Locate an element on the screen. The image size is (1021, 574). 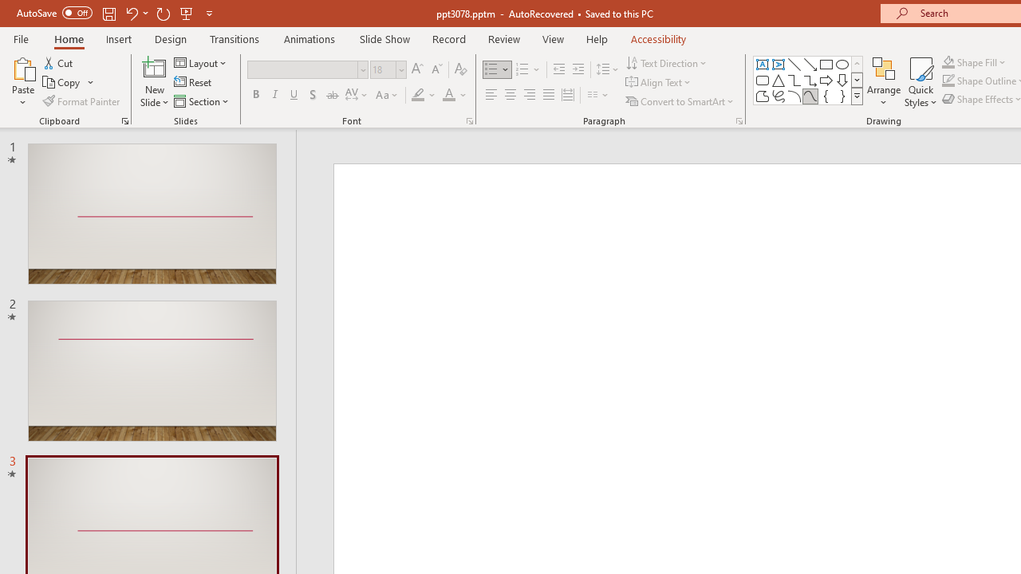
'Quick Access Toolbar' is located at coordinates (115, 13).